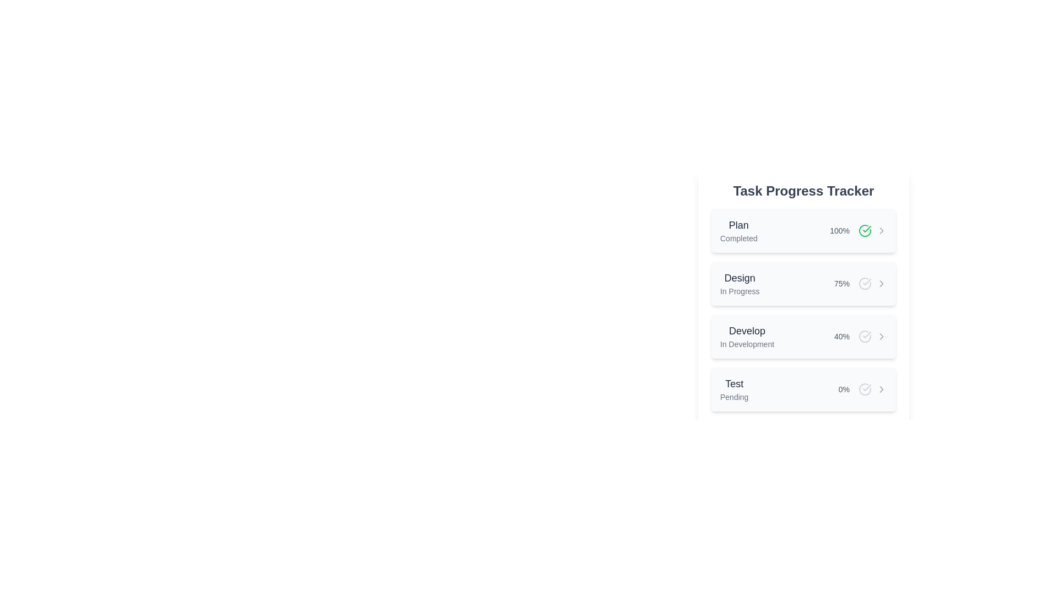 This screenshot has height=595, width=1058. I want to click on the Chevron icon located at the far-right of the 'Test' task entry, so click(881, 388).